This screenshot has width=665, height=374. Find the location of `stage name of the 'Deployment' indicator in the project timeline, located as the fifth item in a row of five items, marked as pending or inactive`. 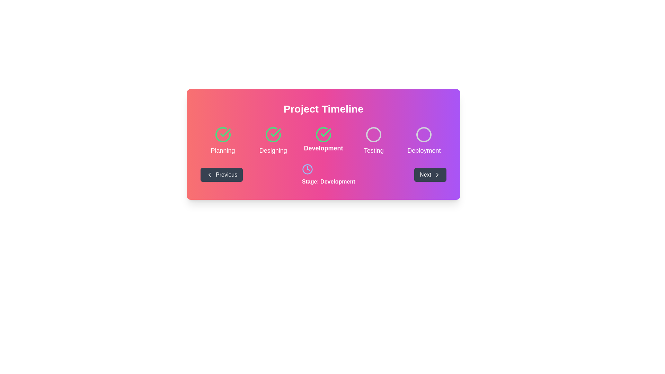

stage name of the 'Deployment' indicator in the project timeline, located as the fifth item in a row of five items, marked as pending or inactive is located at coordinates (424, 141).